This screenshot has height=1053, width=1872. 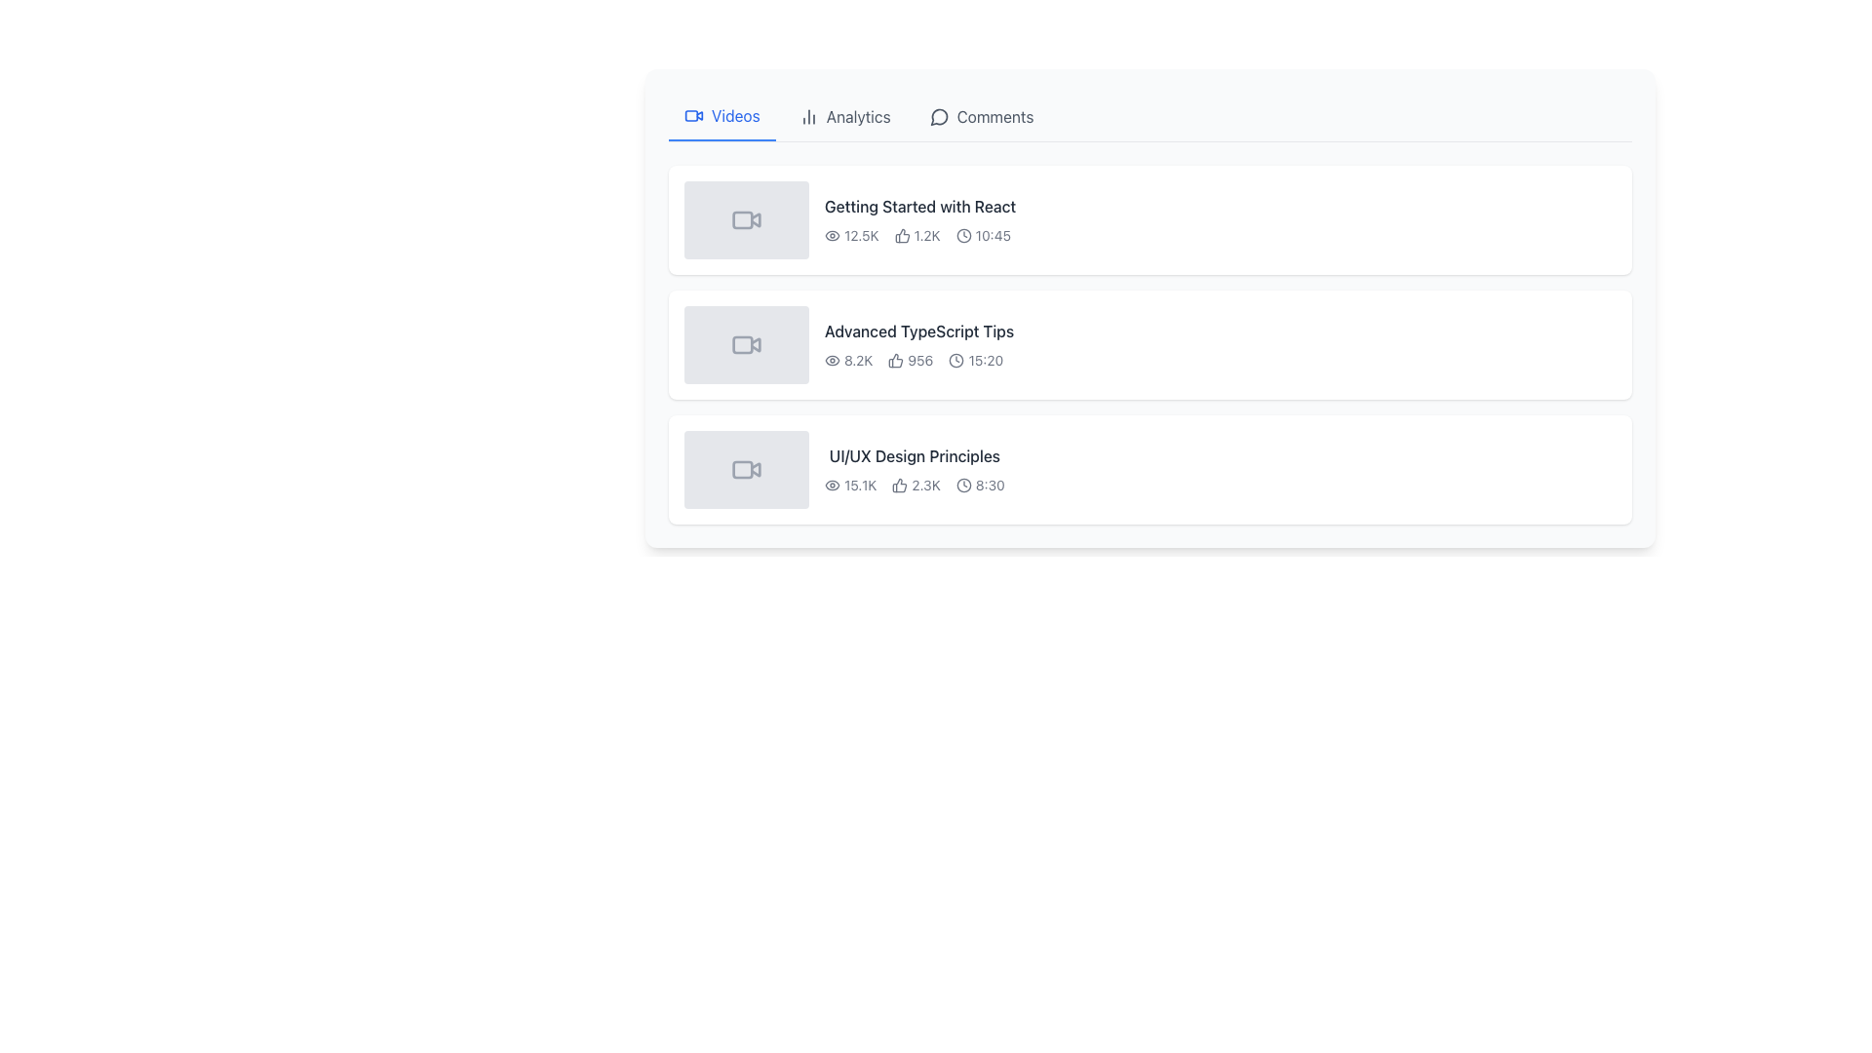 What do you see at coordinates (899, 484) in the screenshot?
I see `the small, outlined thumbs-up icon rendered in SVG format, which is styled with a black stroke and white fill, located immediately to the left of the text '2.3K' in the video metadata section for 'UI/UX Design Principles'` at bounding box center [899, 484].